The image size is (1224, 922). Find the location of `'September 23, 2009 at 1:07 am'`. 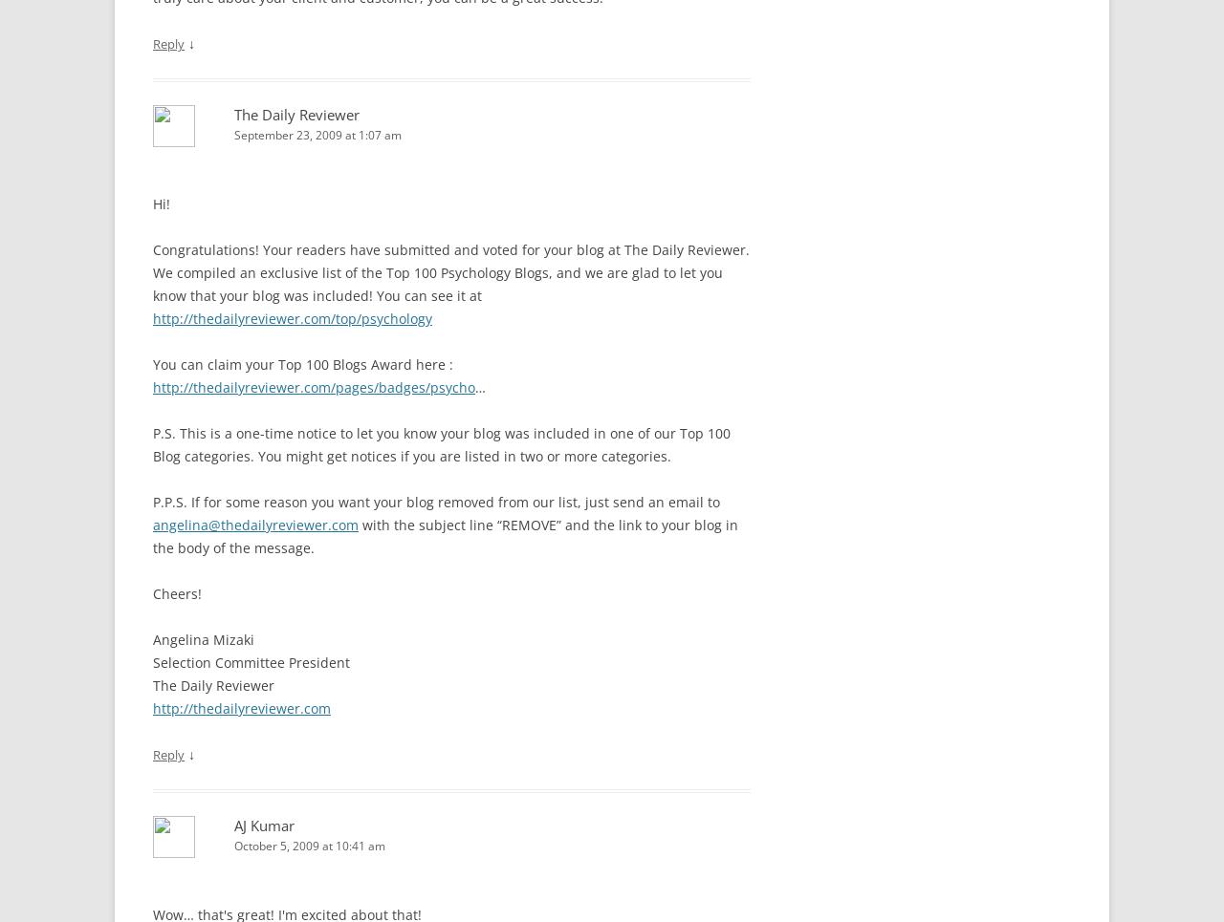

'September 23, 2009 at 1:07 am' is located at coordinates (317, 134).